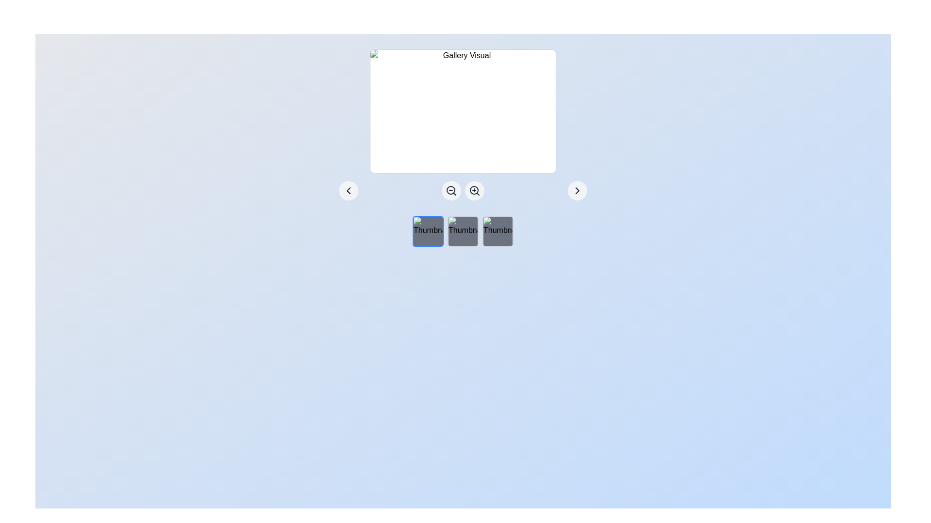 Image resolution: width=931 pixels, height=523 pixels. I want to click on the first thumbnail image placeholder, which has a gray background, rounded corners, and a blue border, so click(428, 231).